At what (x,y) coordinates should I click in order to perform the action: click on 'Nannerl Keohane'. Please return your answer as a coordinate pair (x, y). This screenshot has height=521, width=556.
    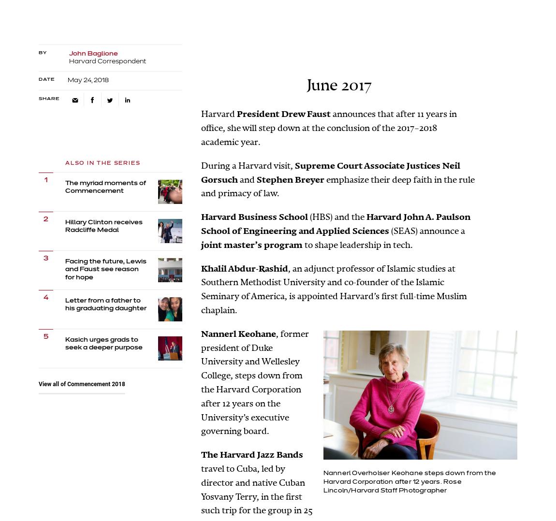
    Looking at the image, I should click on (238, 333).